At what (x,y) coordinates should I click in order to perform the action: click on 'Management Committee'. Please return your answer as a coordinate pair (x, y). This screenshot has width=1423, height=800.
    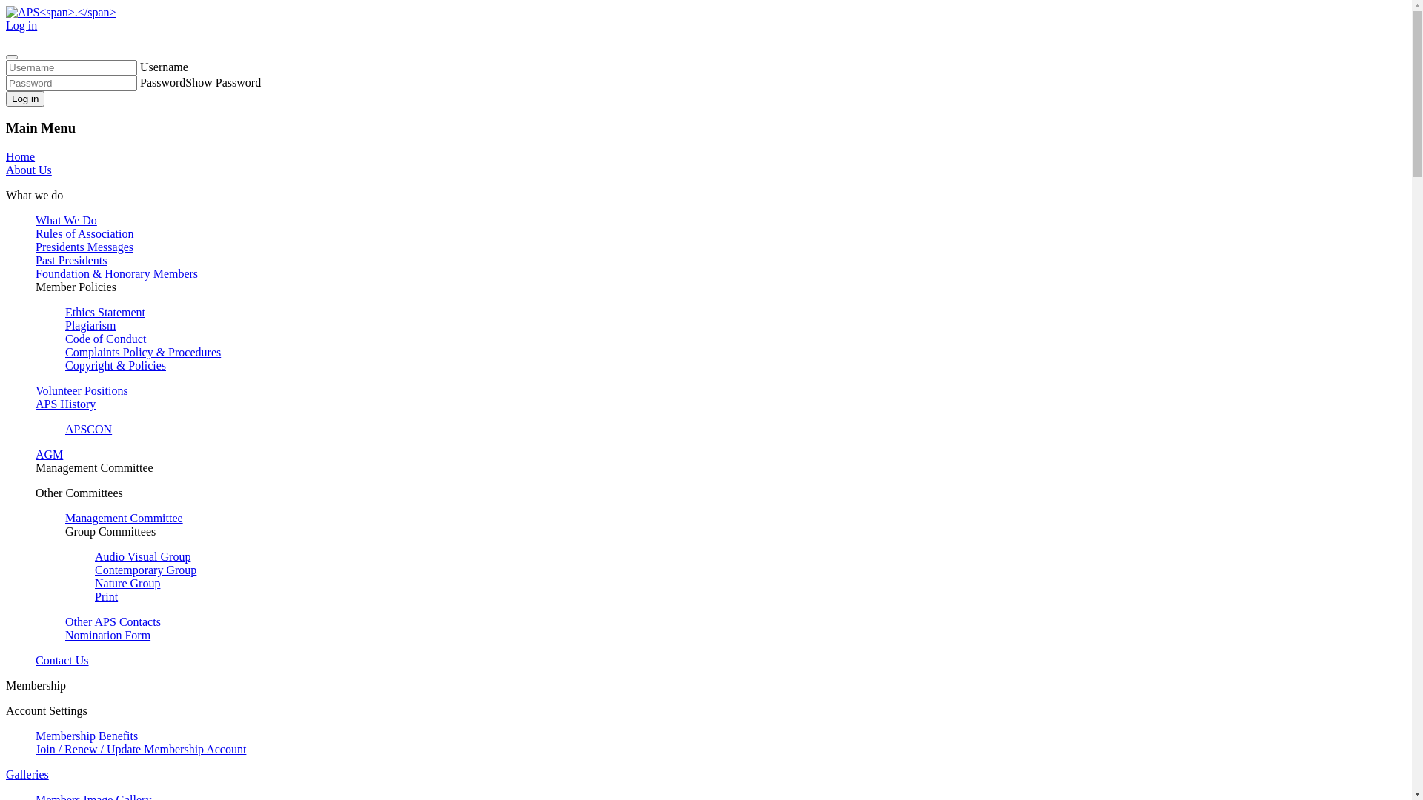
    Looking at the image, I should click on (64, 517).